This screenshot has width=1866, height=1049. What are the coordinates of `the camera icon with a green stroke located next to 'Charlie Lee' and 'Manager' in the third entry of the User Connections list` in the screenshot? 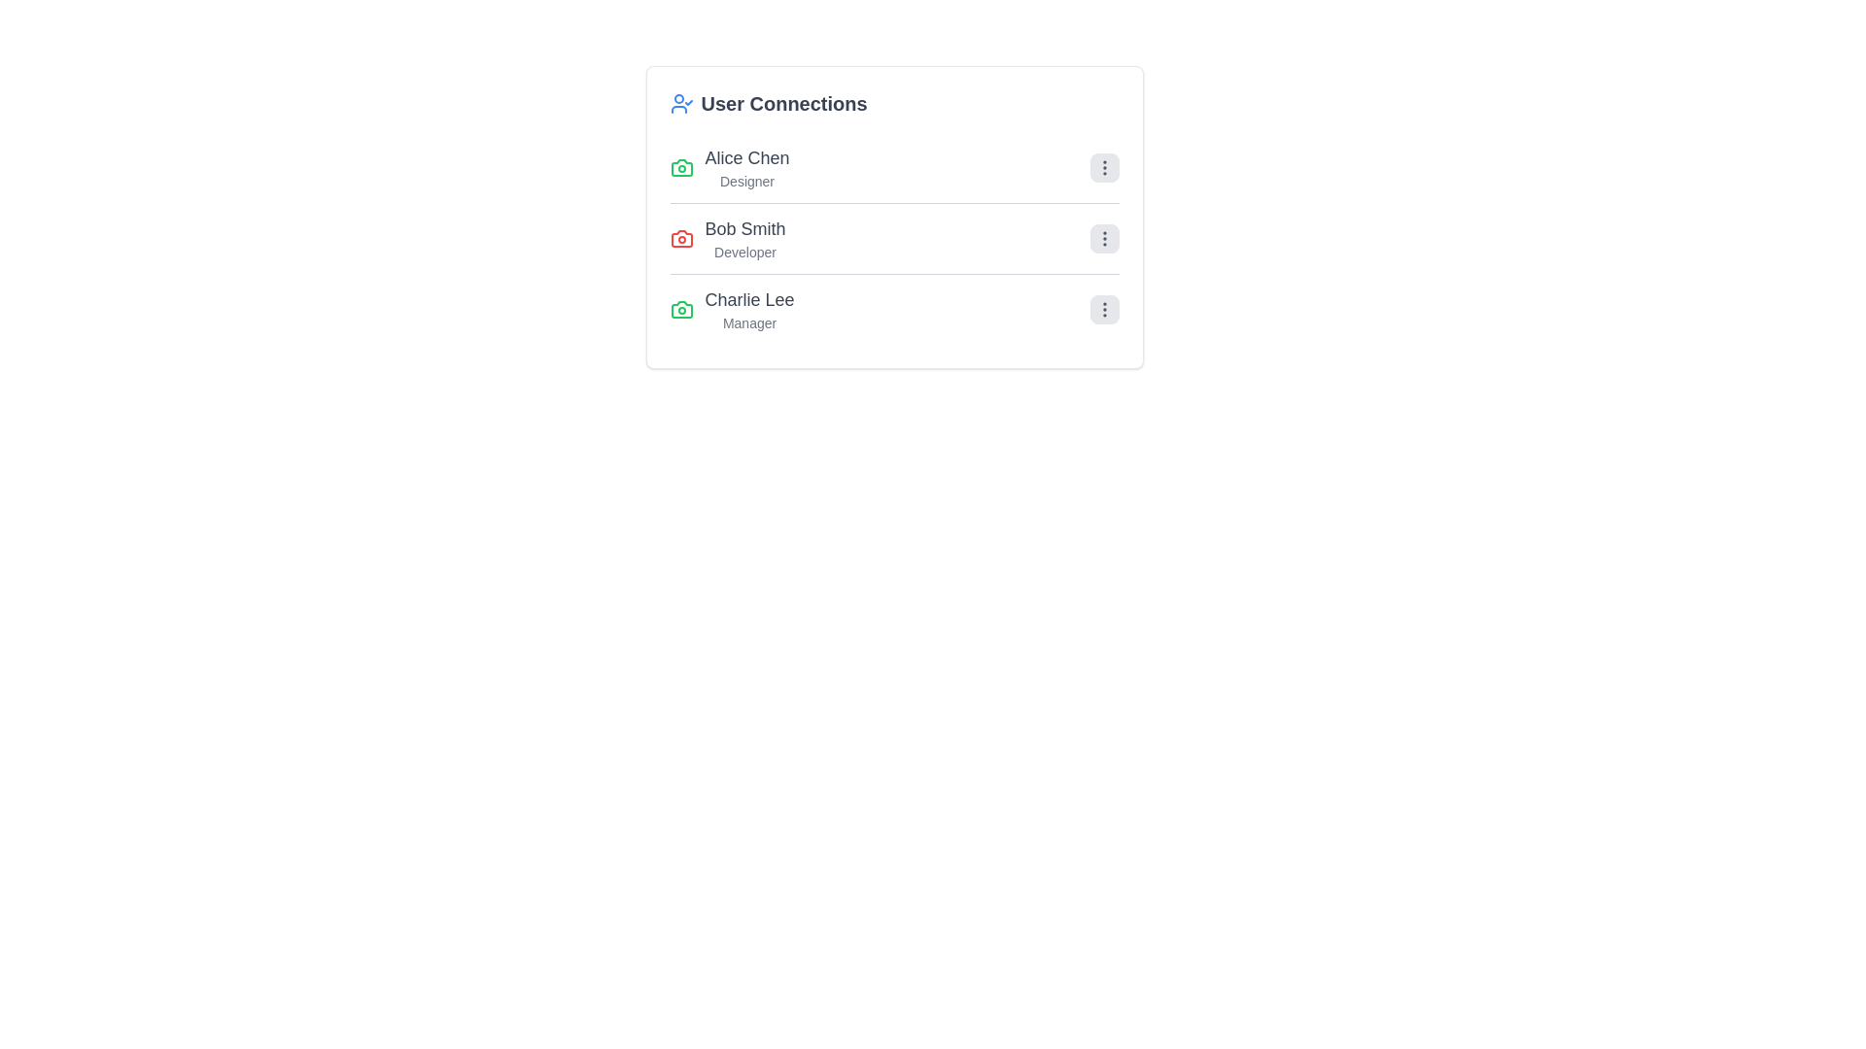 It's located at (681, 309).